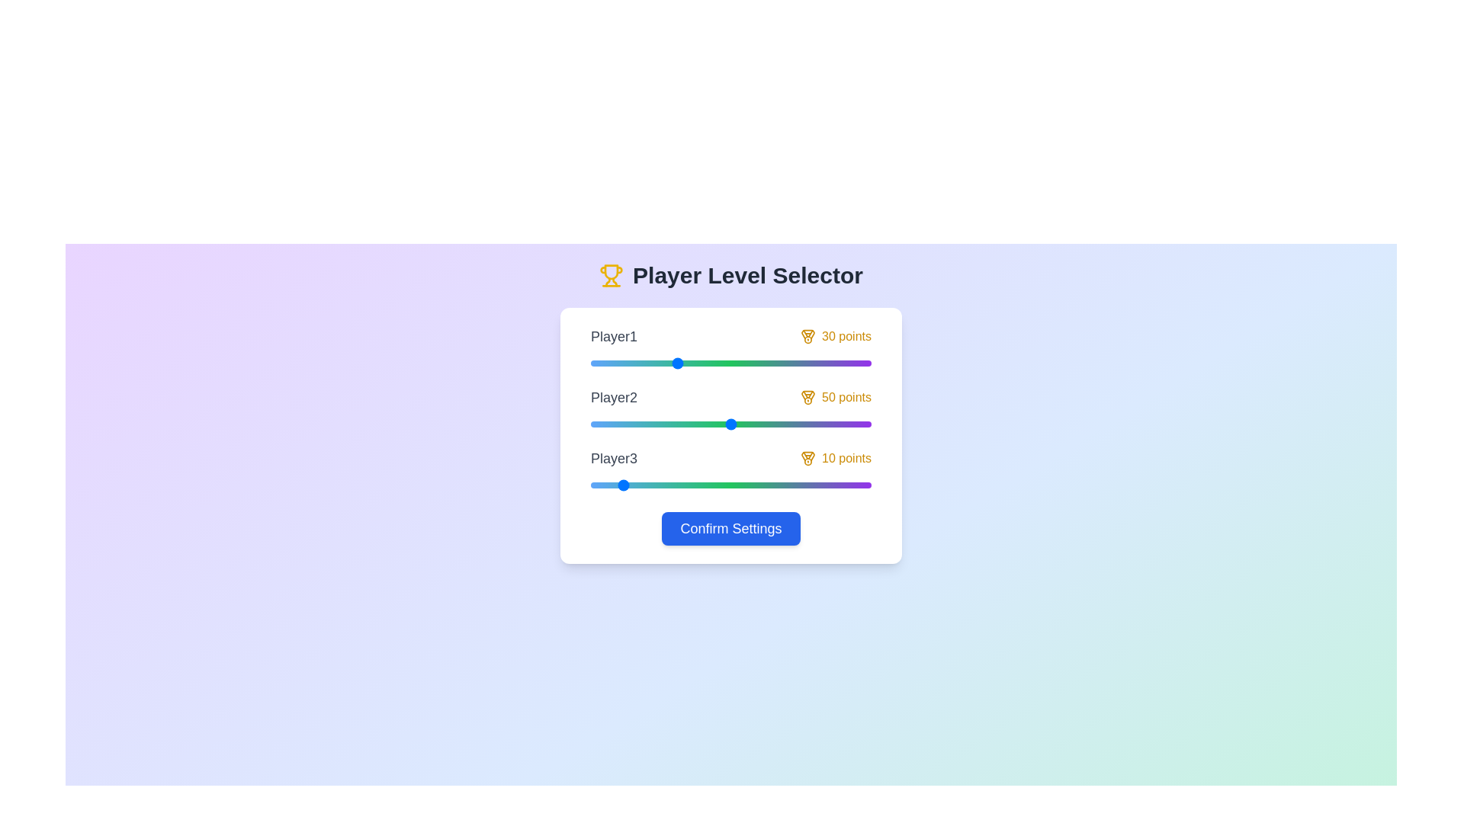  What do you see at coordinates (730, 528) in the screenshot?
I see `the 'Confirm Settings' button` at bounding box center [730, 528].